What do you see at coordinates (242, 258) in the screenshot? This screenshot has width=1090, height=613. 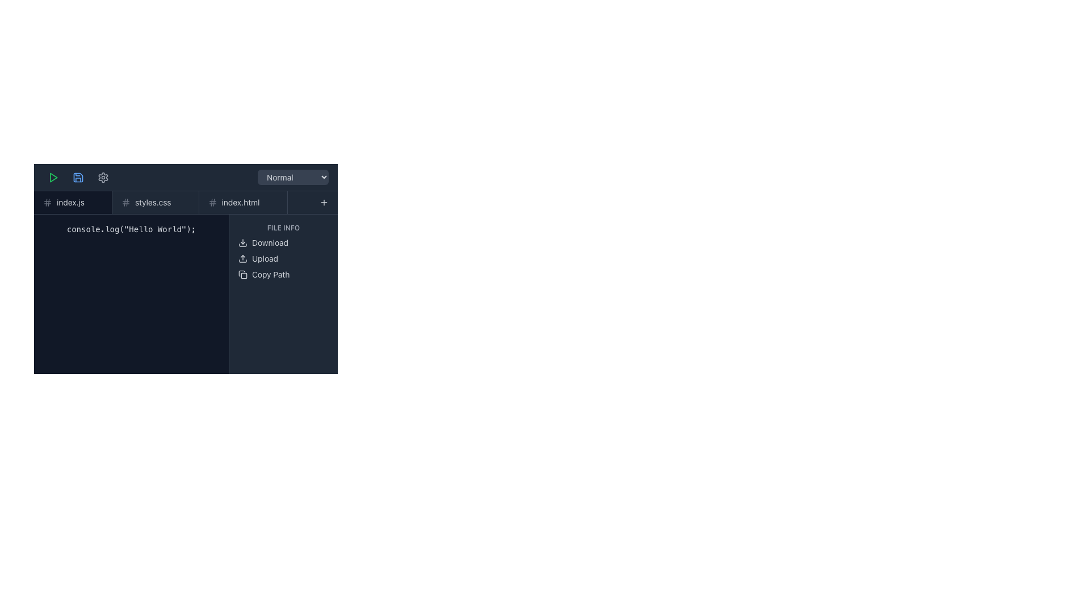 I see `the upload icon, which features an upward-pointing arrow above a horizontal rectangle, located on the right side of the interface preceding the 'Upload' text` at bounding box center [242, 258].